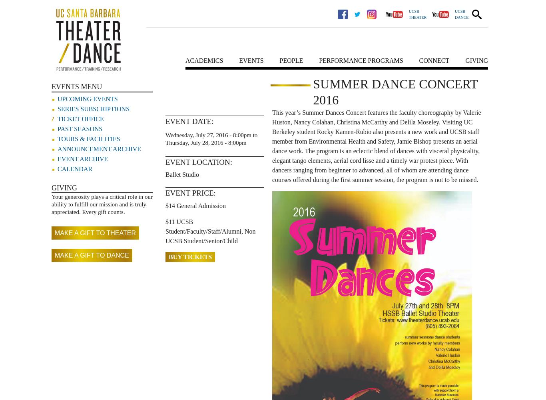 This screenshot has width=546, height=400. Describe the element at coordinates (291, 60) in the screenshot. I see `'People'` at that location.